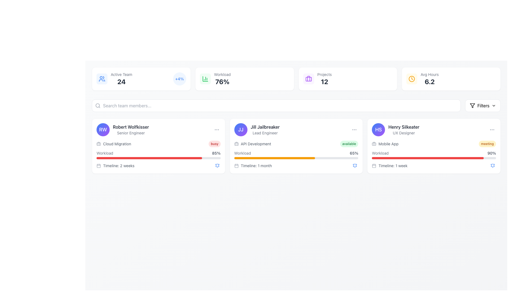 This screenshot has width=525, height=295. I want to click on the blue bell icon, which is styled with rounded edges and located in the bottom-right corner of the user interface, so click(492, 165).